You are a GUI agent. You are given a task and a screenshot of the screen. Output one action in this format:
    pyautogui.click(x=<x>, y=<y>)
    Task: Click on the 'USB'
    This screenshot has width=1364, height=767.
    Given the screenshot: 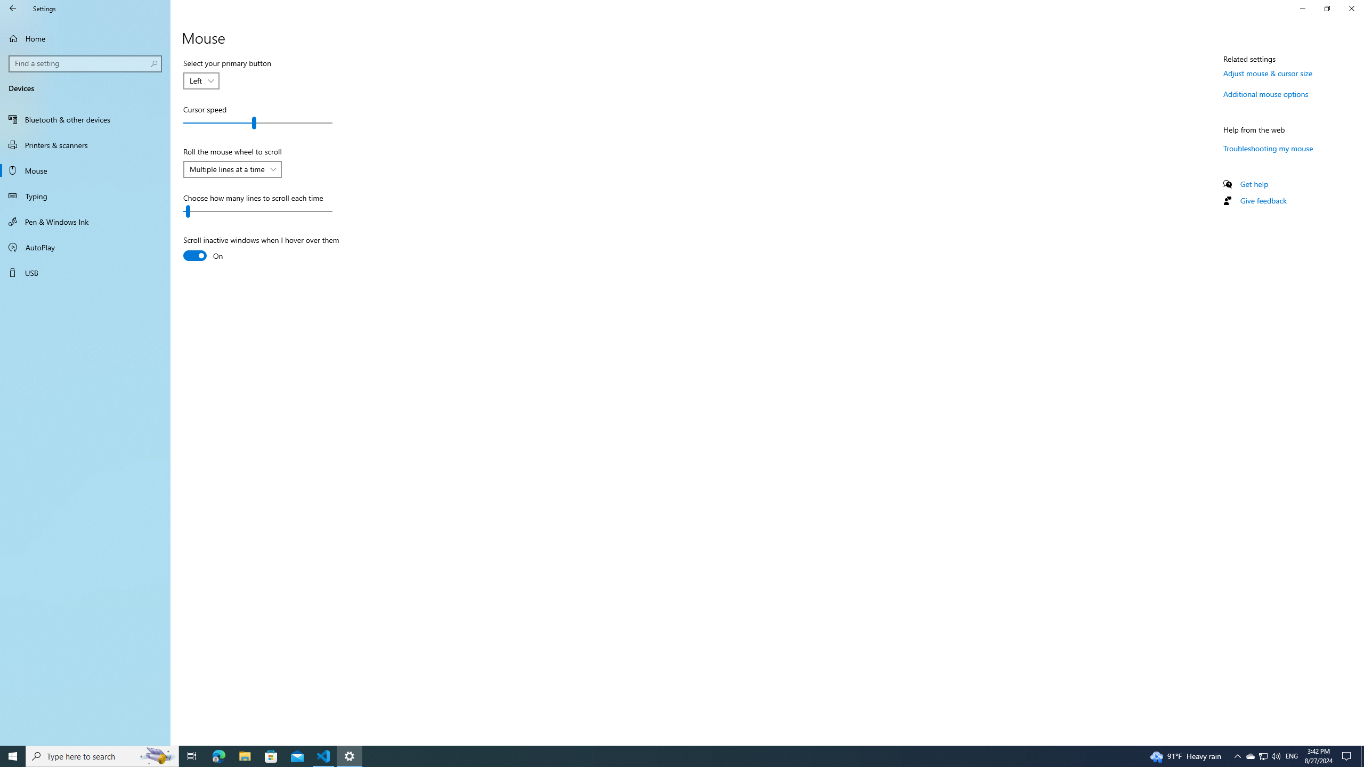 What is the action you would take?
    pyautogui.click(x=85, y=272)
    